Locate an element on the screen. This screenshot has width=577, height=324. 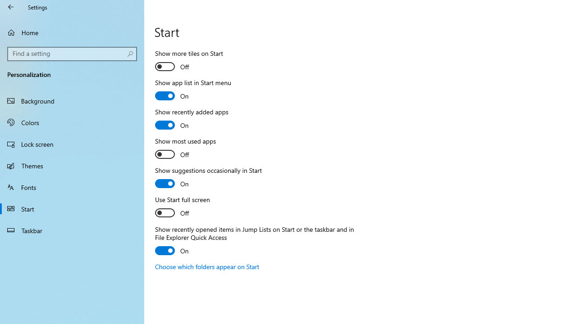
'Use Start full screen' is located at coordinates (188, 207).